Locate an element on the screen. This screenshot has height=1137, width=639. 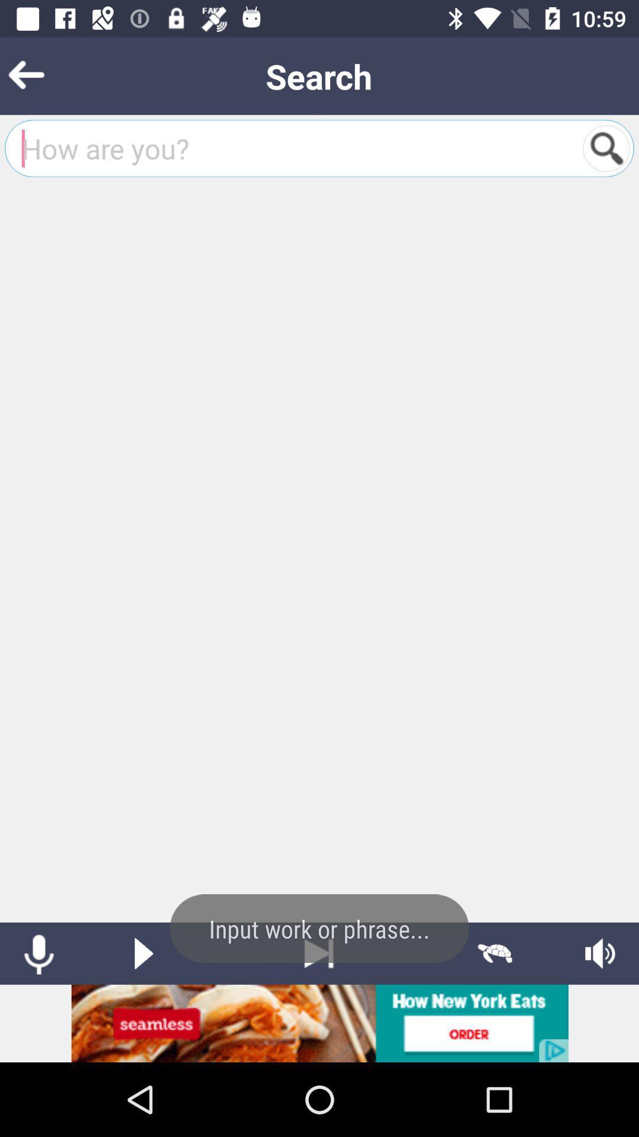
audio settings is located at coordinates (600, 953).